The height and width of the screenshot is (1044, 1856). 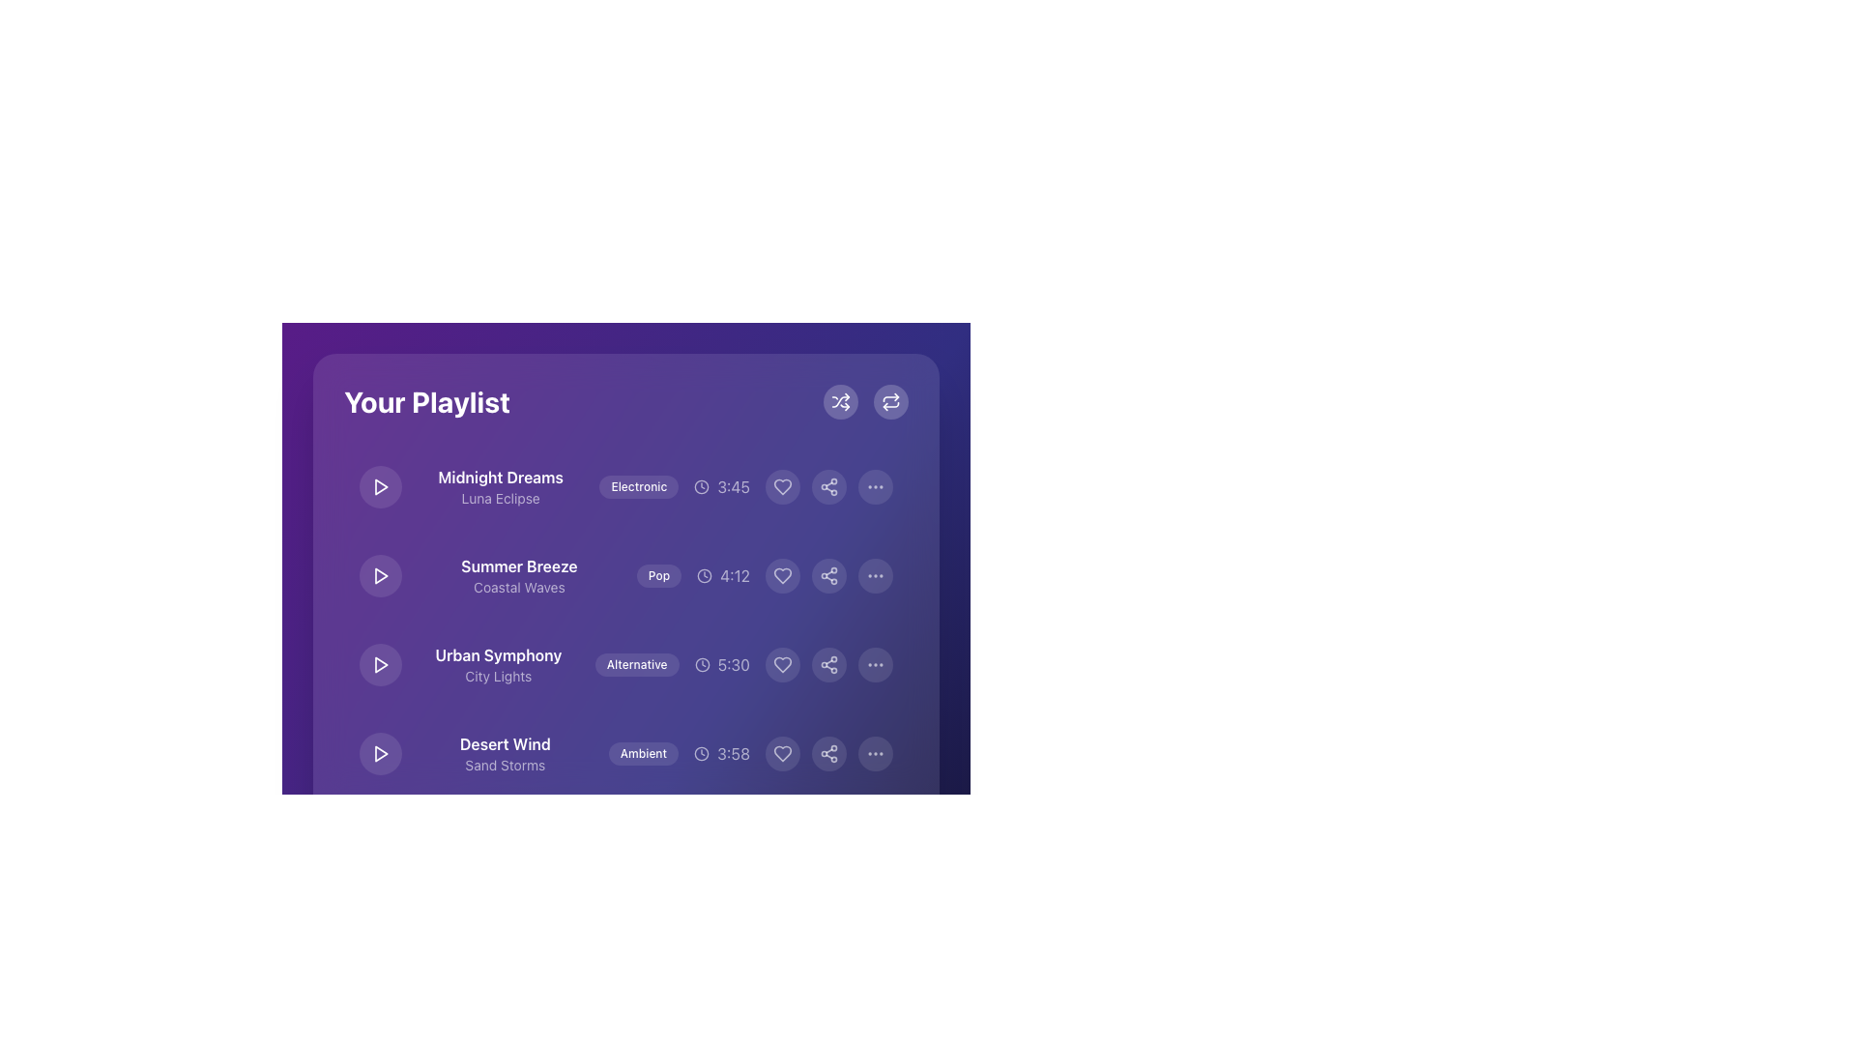 What do you see at coordinates (783, 575) in the screenshot?
I see `the heart icon button to favorite or unfavorite the playlist item labeled 'Summer Breeze'` at bounding box center [783, 575].